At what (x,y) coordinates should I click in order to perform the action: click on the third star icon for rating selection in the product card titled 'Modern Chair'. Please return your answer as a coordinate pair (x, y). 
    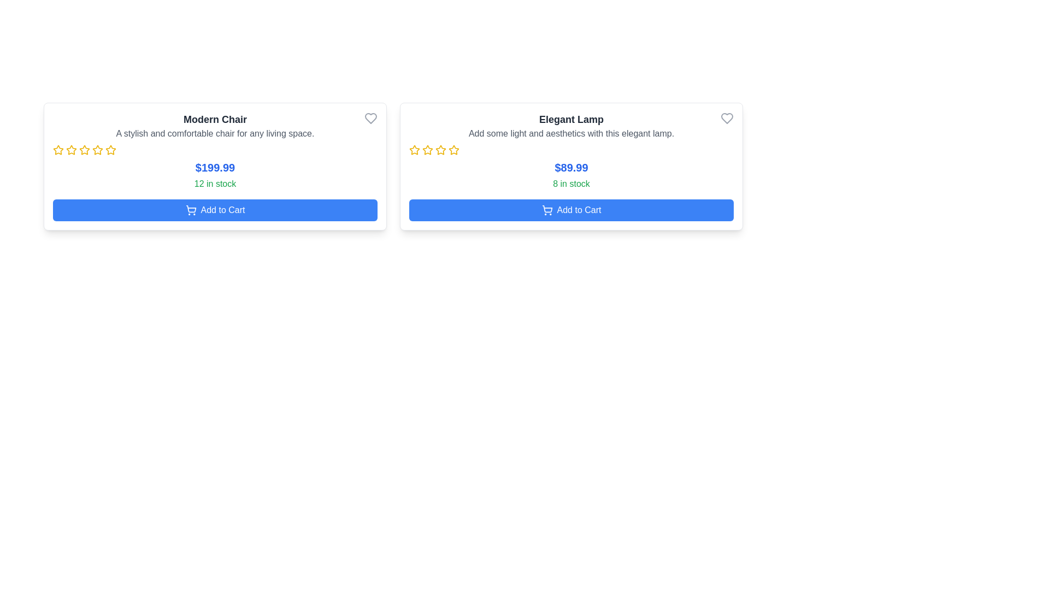
    Looking at the image, I should click on (97, 150).